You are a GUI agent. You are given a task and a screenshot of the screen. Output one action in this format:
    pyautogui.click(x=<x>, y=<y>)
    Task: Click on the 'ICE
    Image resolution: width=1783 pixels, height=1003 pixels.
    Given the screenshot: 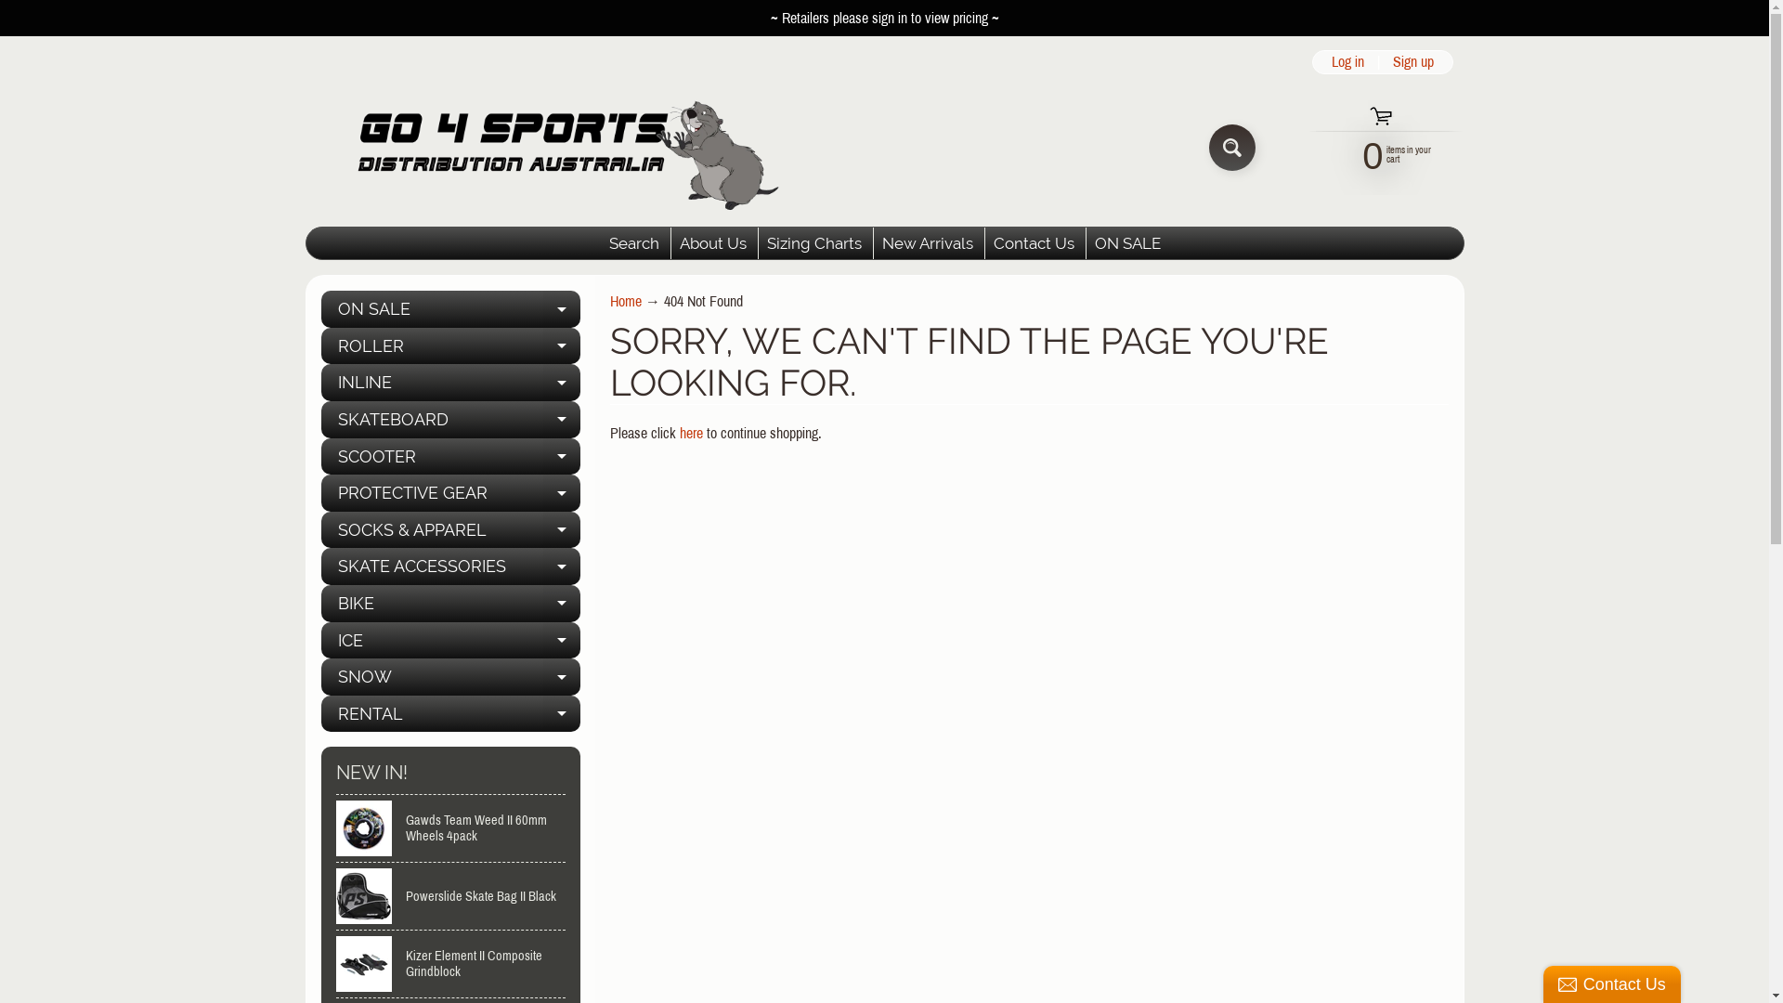 What is the action you would take?
    pyautogui.click(x=450, y=640)
    